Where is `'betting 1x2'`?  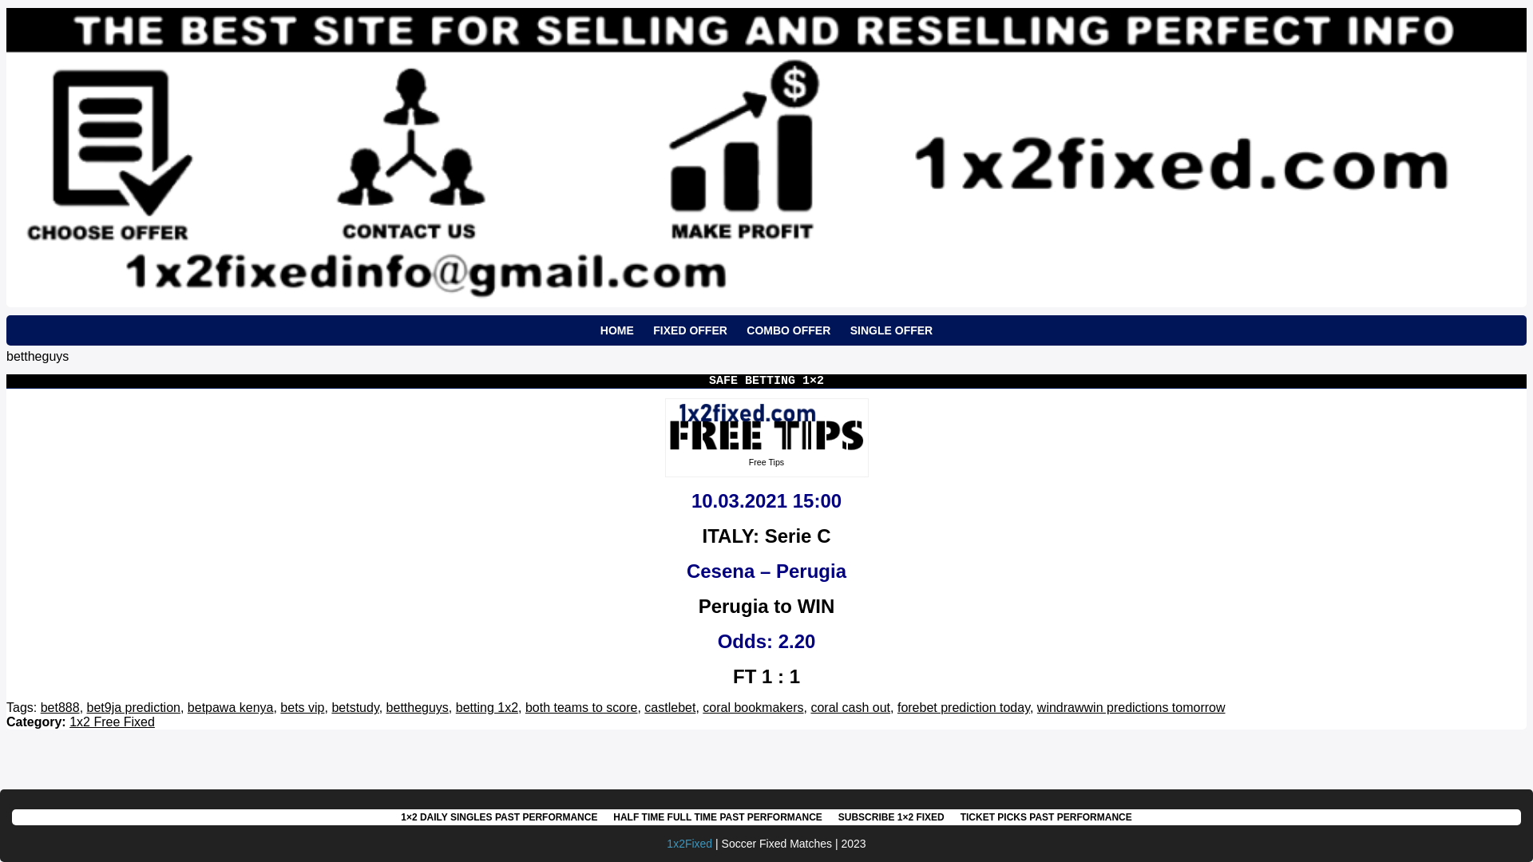 'betting 1x2' is located at coordinates (485, 706).